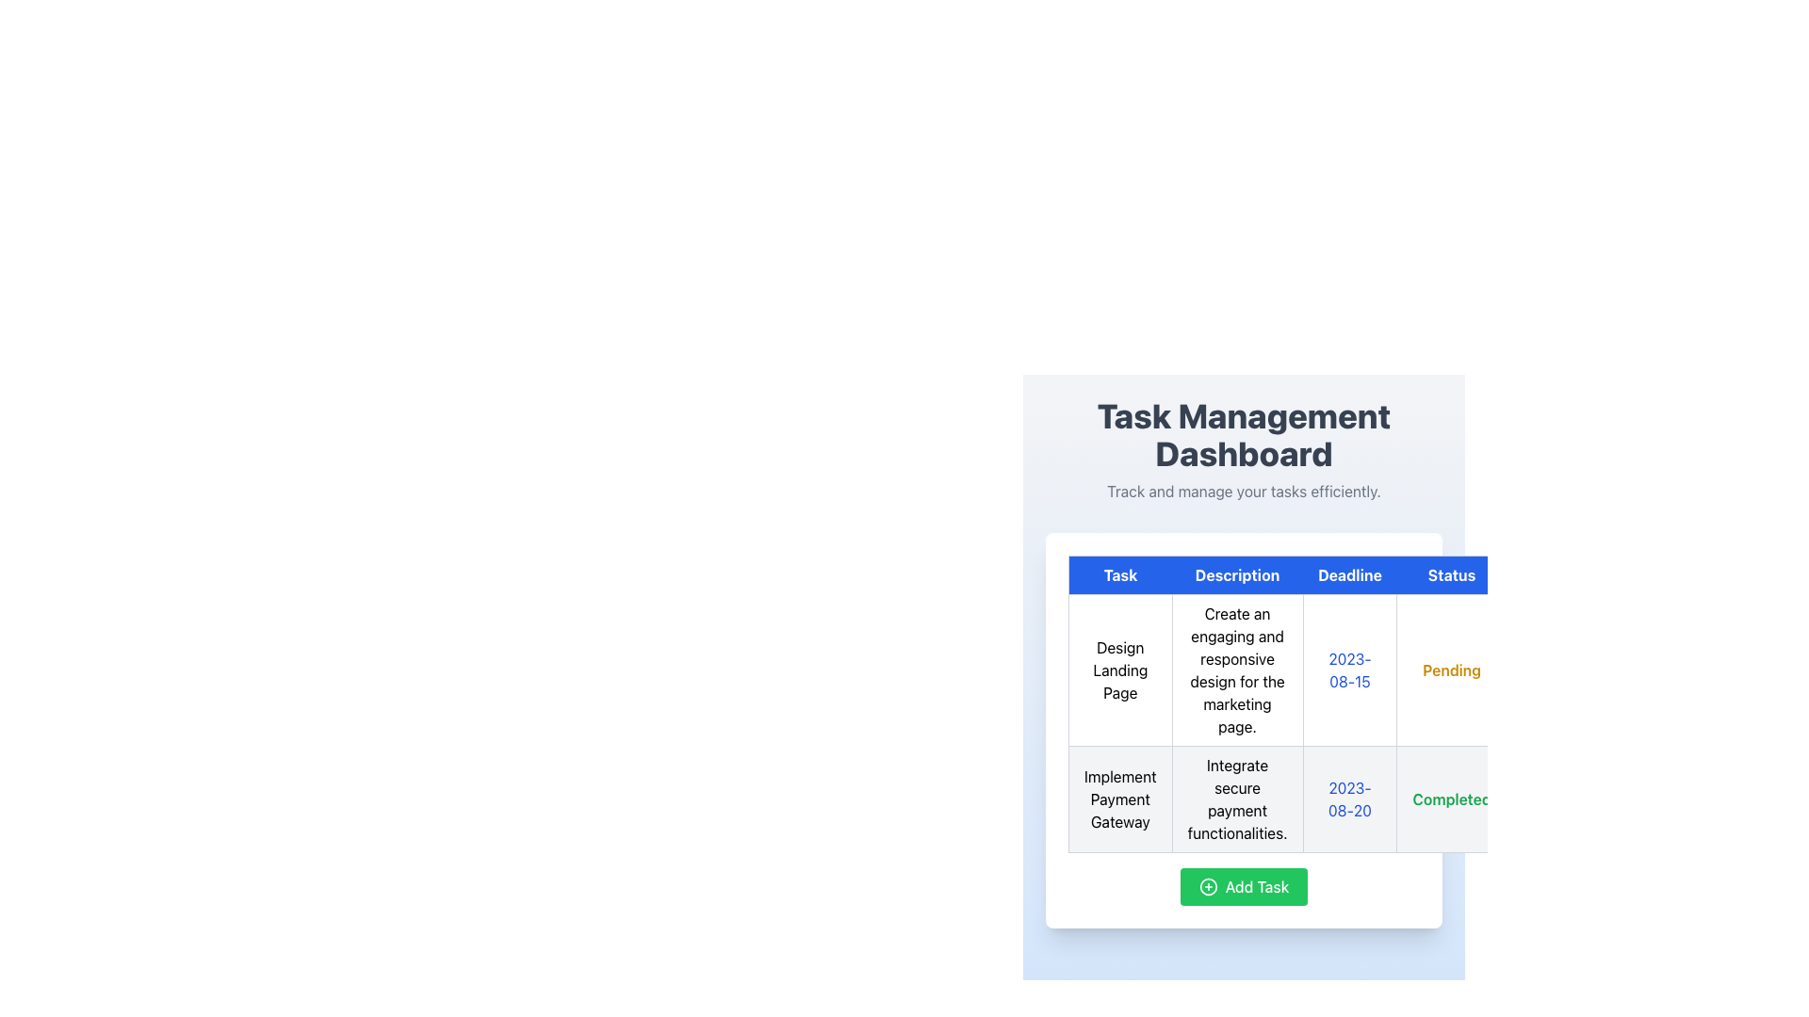 Image resolution: width=1809 pixels, height=1017 pixels. What do you see at coordinates (1451, 670) in the screenshot?
I see `the 'Pending' label in the 'Status' column of the first row in the table on the dashboard, which is styled in a bold font with a yellow-orange color` at bounding box center [1451, 670].